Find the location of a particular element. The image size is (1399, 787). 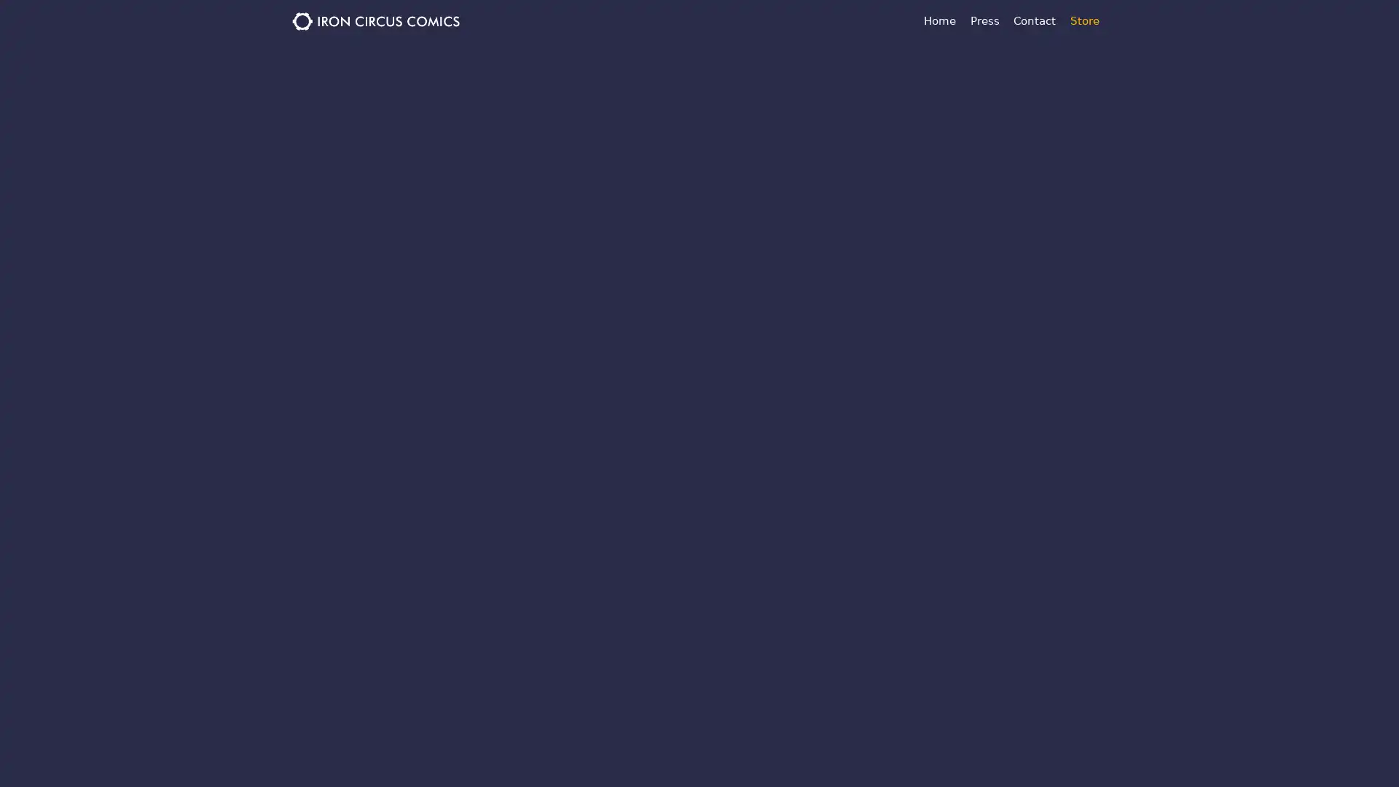

Log In is located at coordinates (1031, 434).